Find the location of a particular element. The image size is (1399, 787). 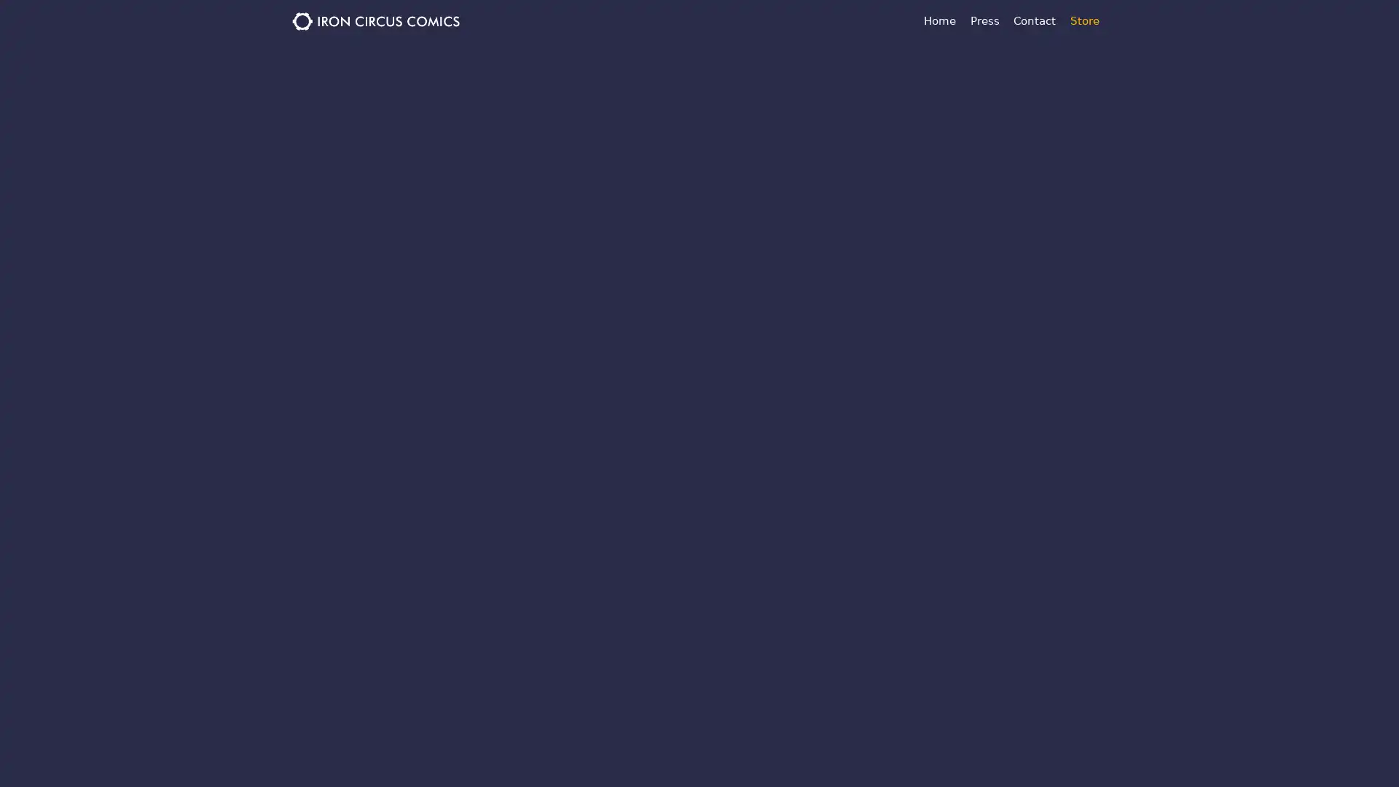

Log In is located at coordinates (1031, 434).